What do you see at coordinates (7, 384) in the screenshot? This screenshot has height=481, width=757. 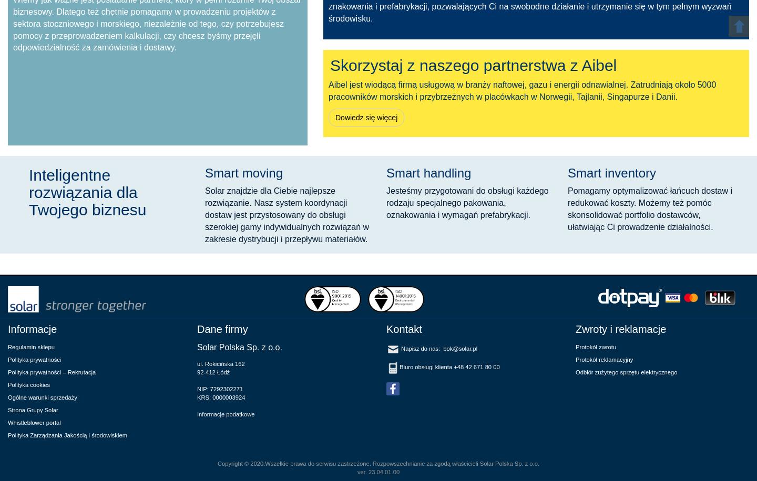 I see `'Polityka cookies'` at bounding box center [7, 384].